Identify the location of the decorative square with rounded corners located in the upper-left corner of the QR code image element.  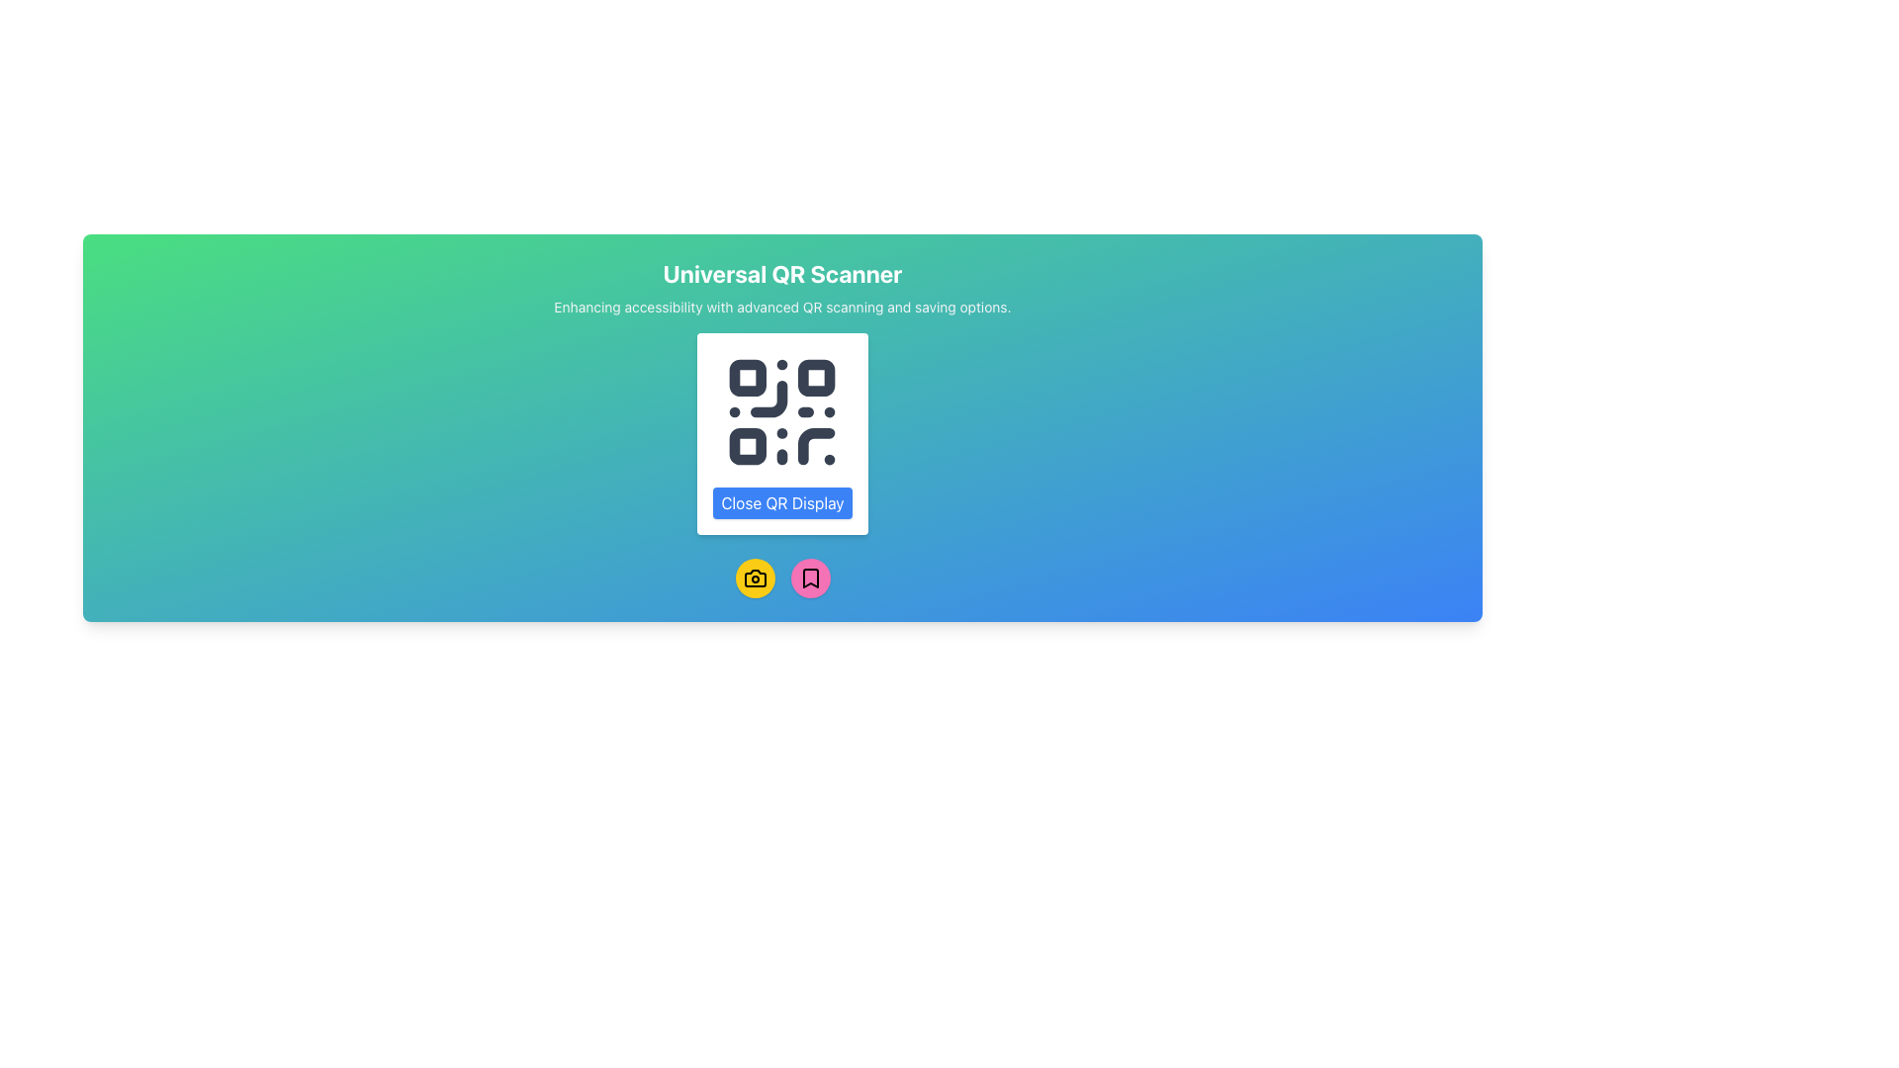
(747, 378).